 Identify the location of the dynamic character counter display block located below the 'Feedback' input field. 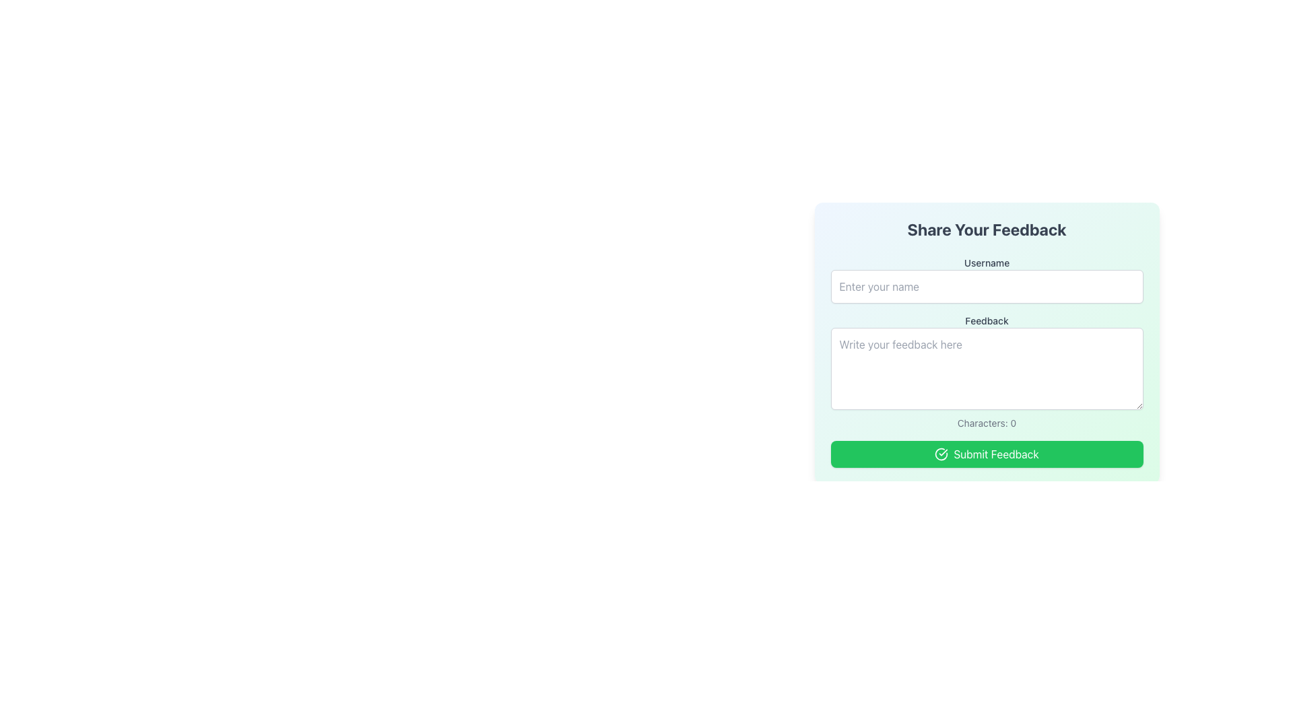
(987, 422).